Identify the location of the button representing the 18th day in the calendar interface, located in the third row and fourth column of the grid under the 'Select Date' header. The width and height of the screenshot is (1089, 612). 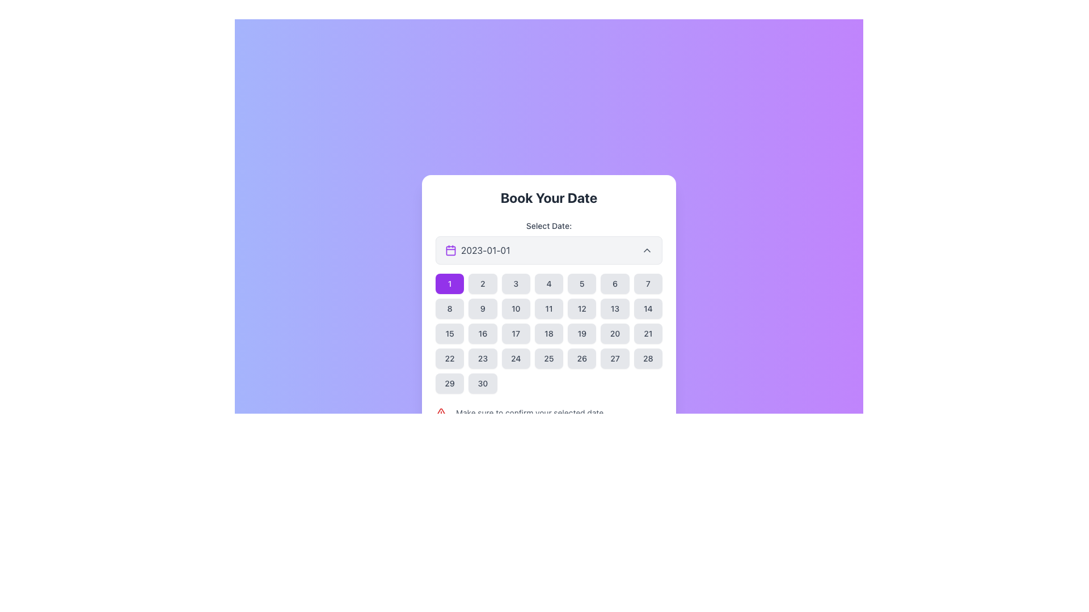
(549, 333).